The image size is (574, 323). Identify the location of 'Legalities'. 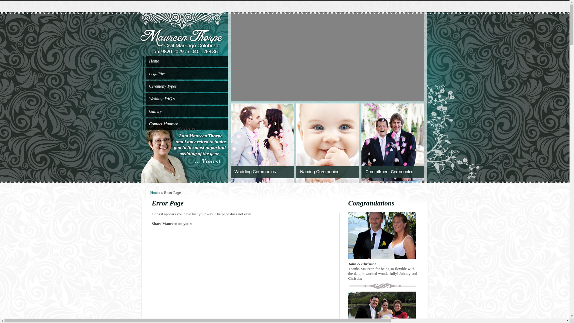
(157, 73).